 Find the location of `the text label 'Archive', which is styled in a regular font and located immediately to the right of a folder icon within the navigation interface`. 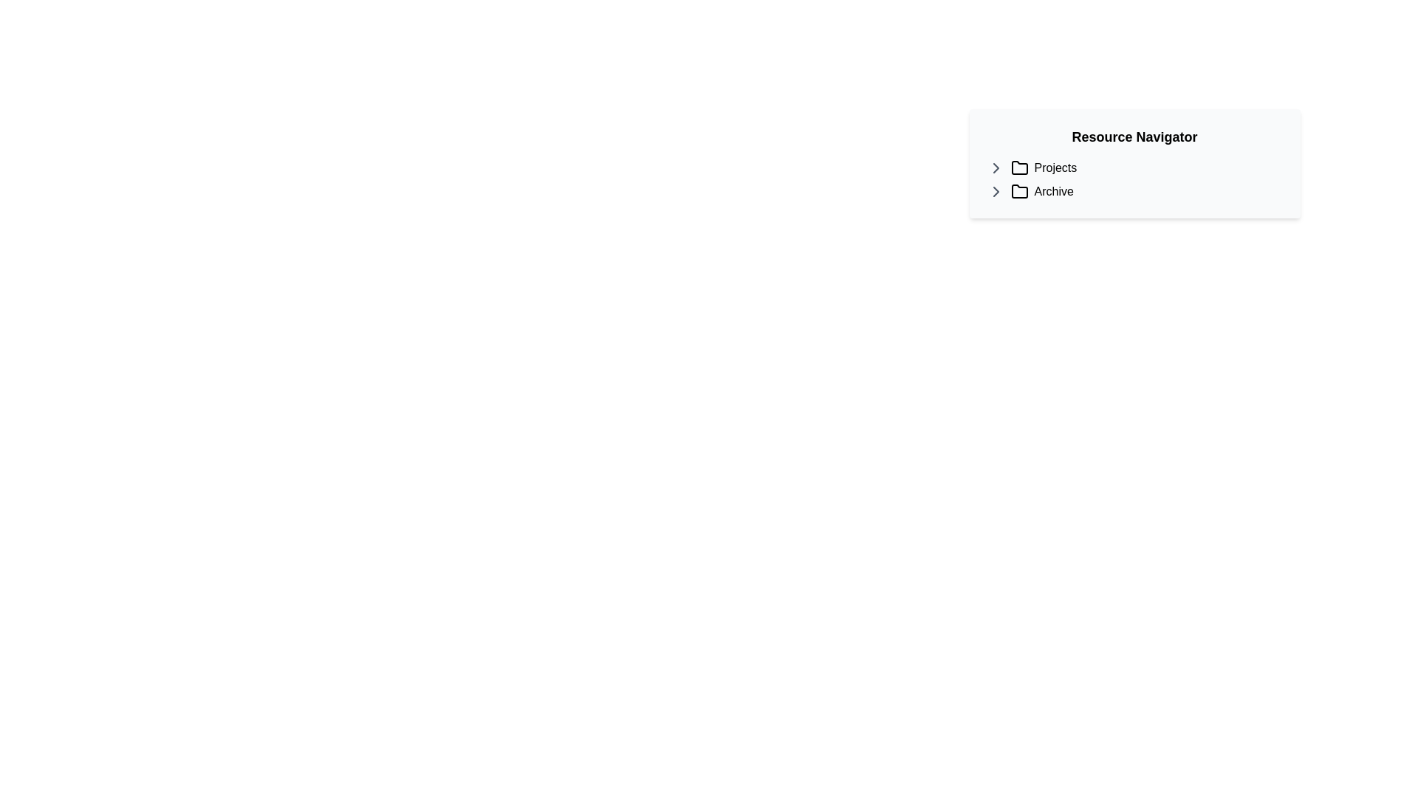

the text label 'Archive', which is styled in a regular font and located immediately to the right of a folder icon within the navigation interface is located at coordinates (1053, 190).